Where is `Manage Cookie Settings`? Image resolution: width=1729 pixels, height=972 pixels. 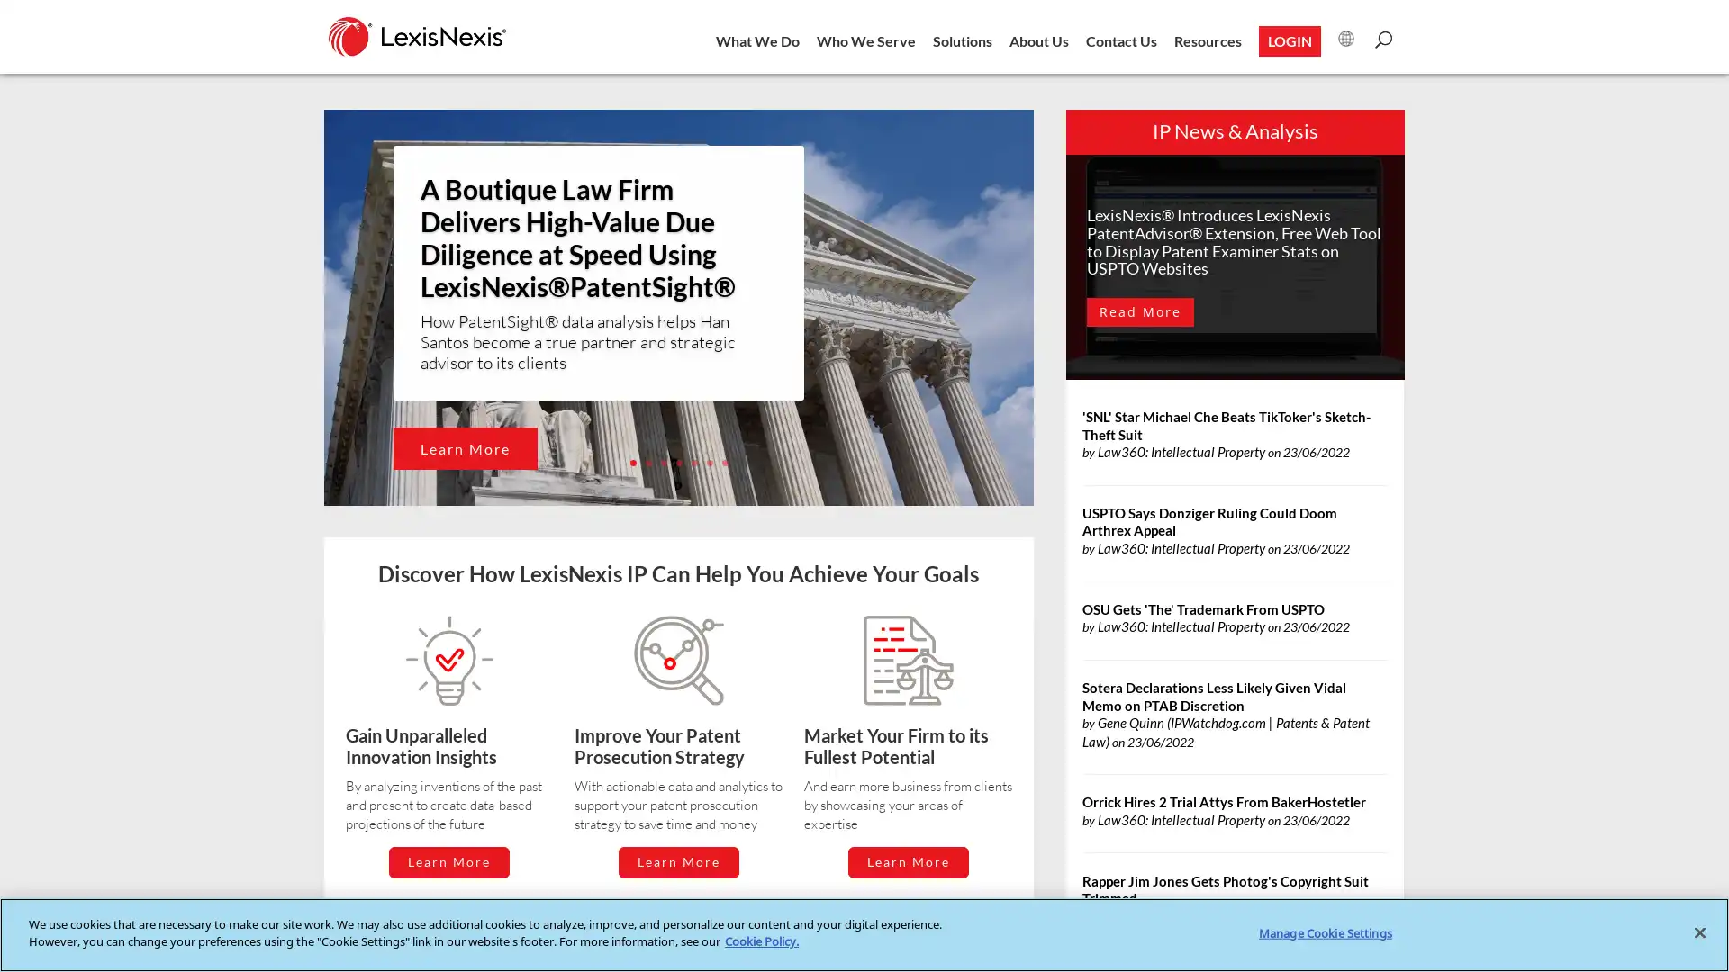
Manage Cookie Settings is located at coordinates (1324, 932).